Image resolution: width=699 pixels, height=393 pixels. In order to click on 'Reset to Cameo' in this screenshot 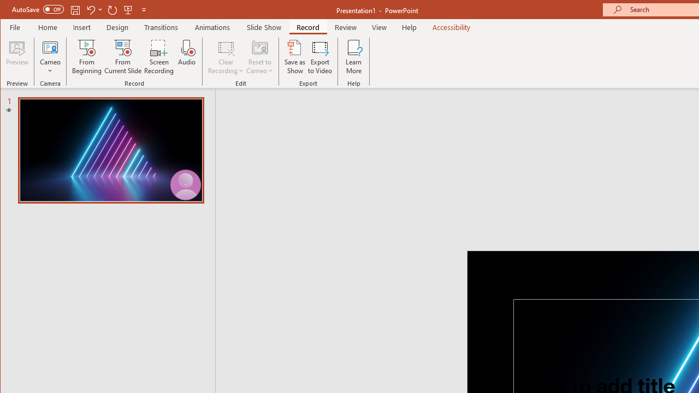, I will do `click(259, 57)`.